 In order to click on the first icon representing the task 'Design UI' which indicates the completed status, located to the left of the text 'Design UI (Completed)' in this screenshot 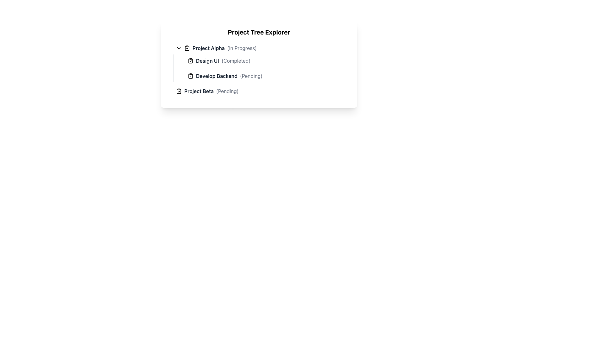, I will do `click(190, 61)`.